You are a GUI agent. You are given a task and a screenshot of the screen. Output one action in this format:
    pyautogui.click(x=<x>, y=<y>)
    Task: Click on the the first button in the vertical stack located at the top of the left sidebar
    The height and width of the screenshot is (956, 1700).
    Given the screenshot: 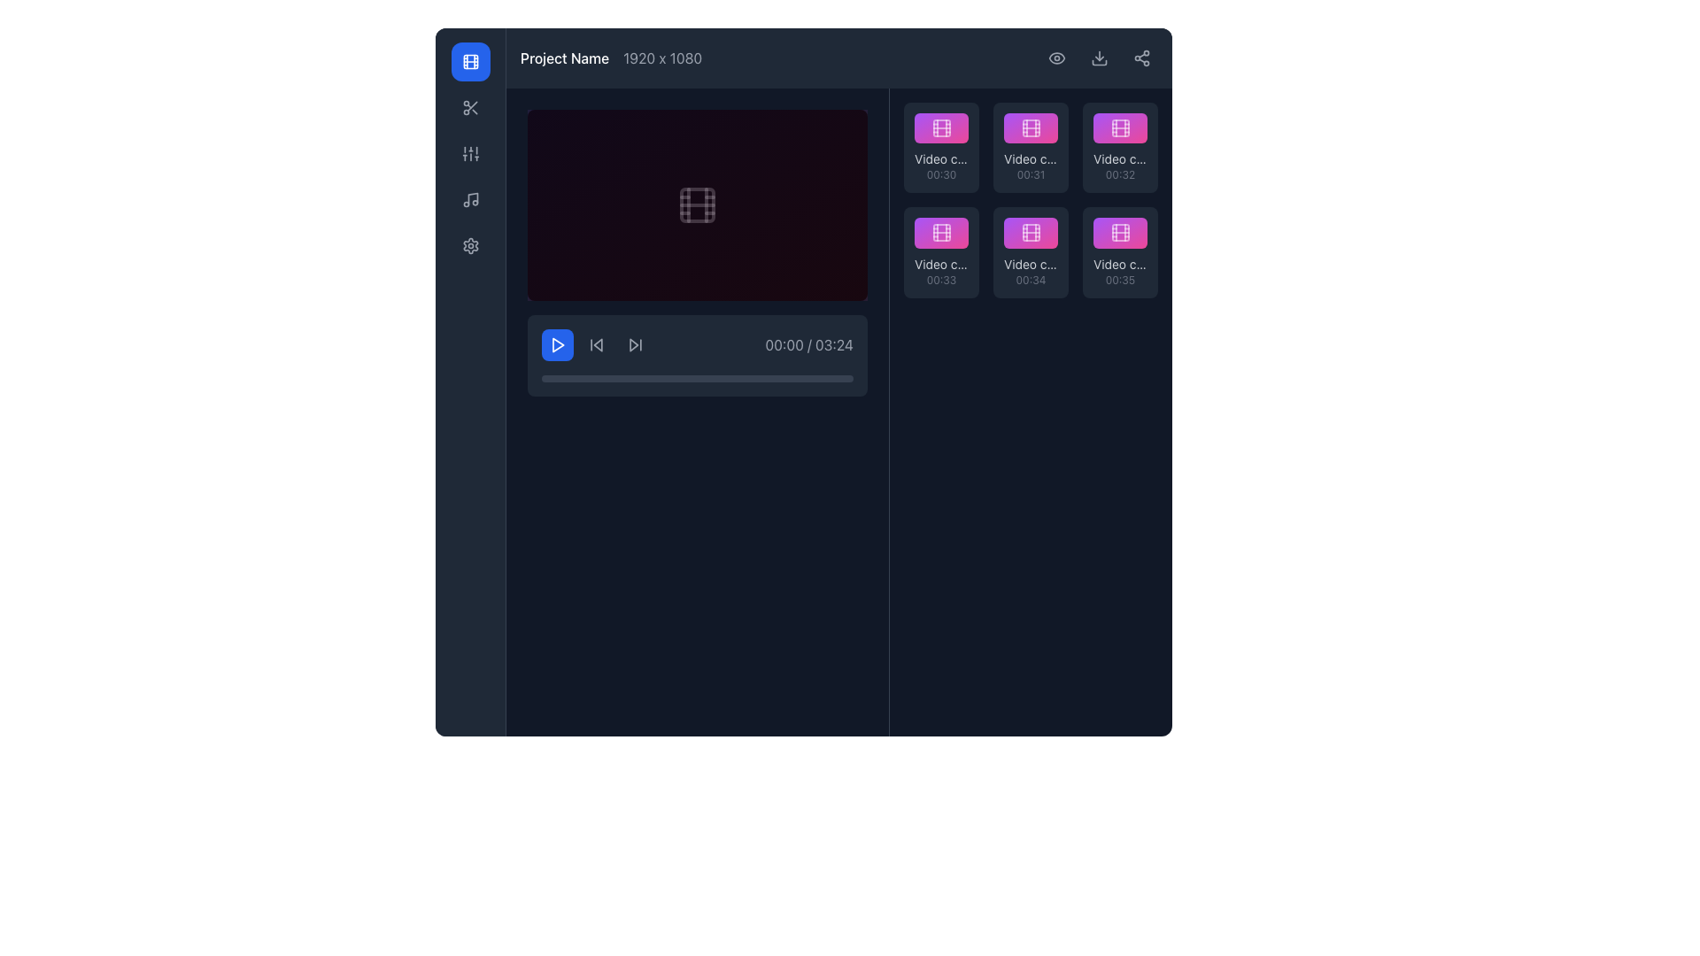 What is the action you would take?
    pyautogui.click(x=470, y=60)
    